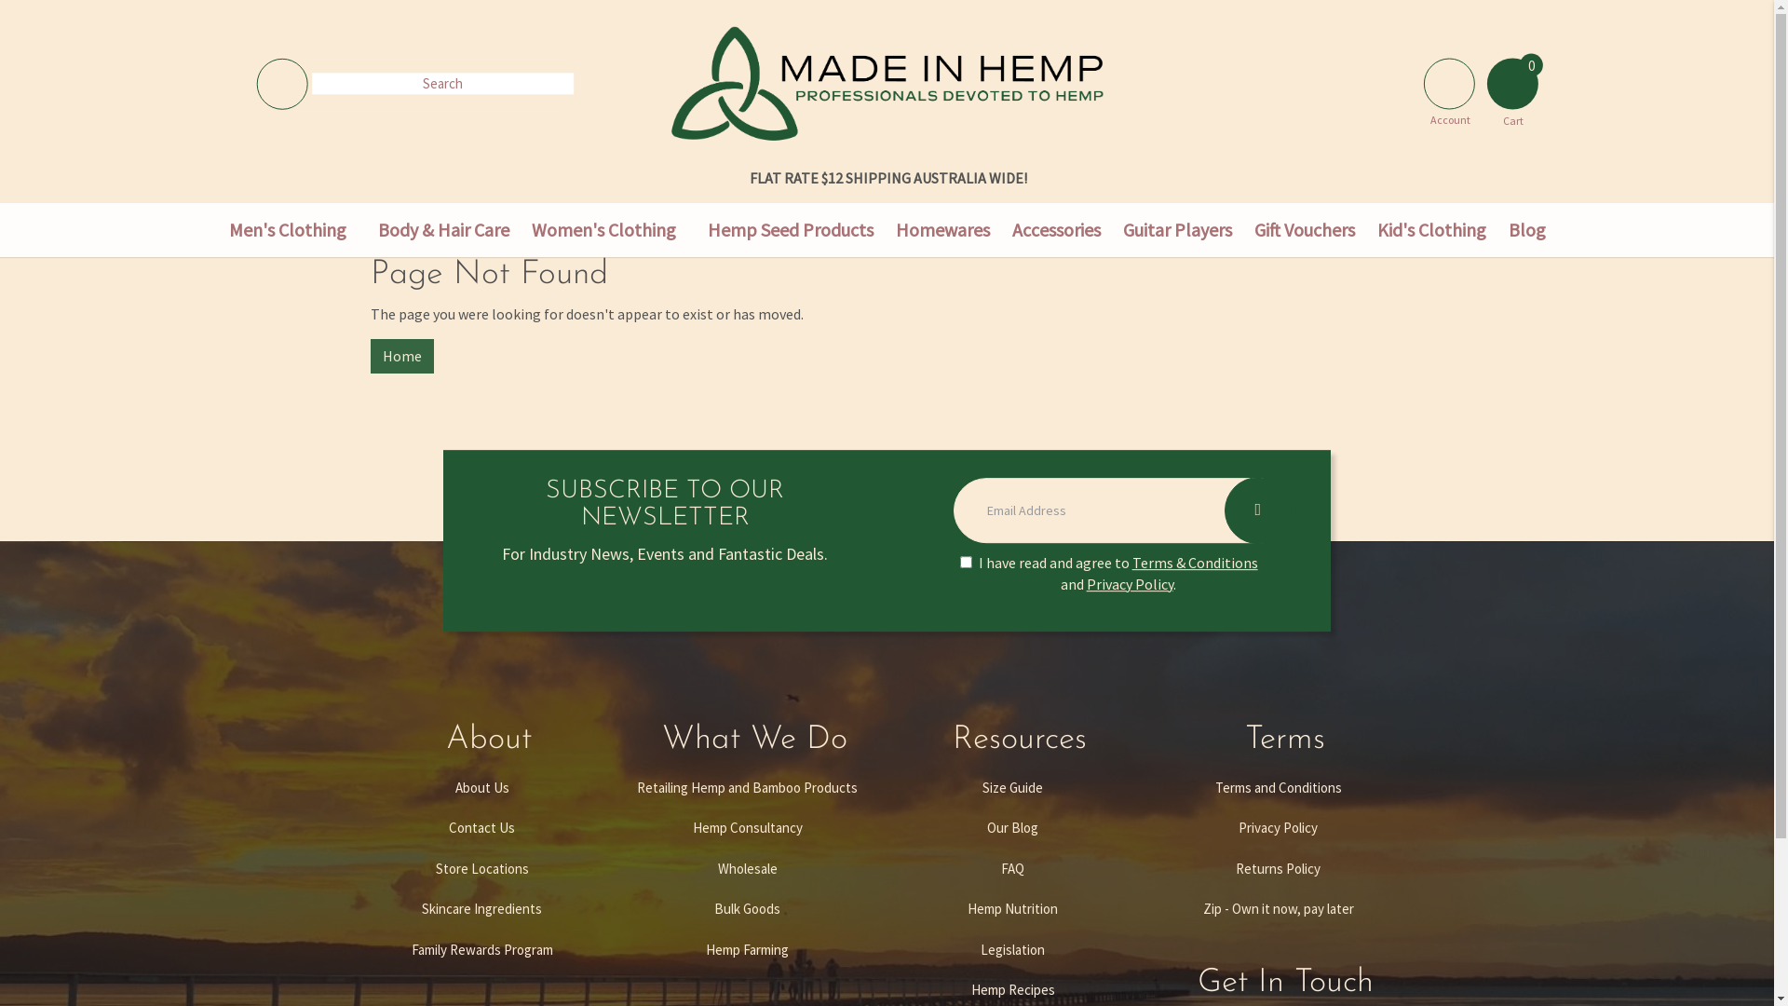  I want to click on 'Body & Hair Care', so click(442, 229).